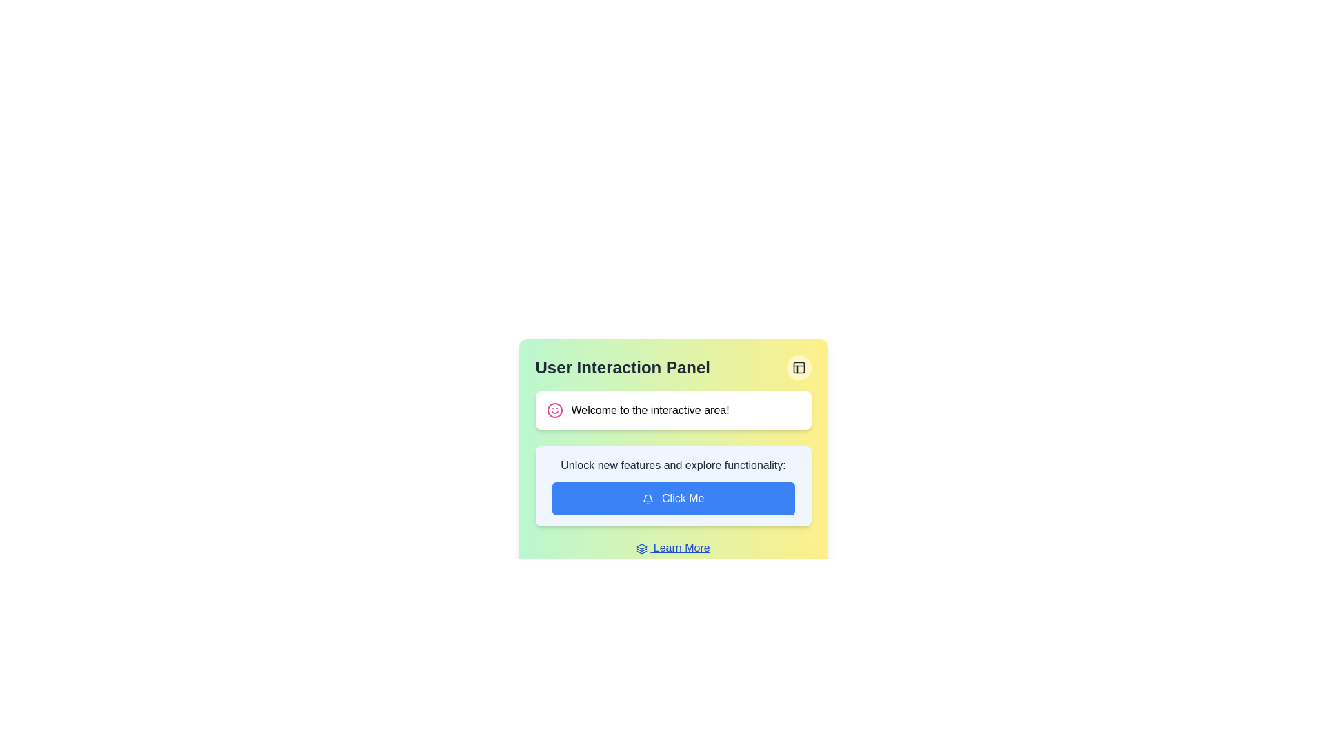  I want to click on the small circular button with a yellow background and a gray grid icon located in the top-right corner of the 'User Interaction Panel' section, so click(799, 366).